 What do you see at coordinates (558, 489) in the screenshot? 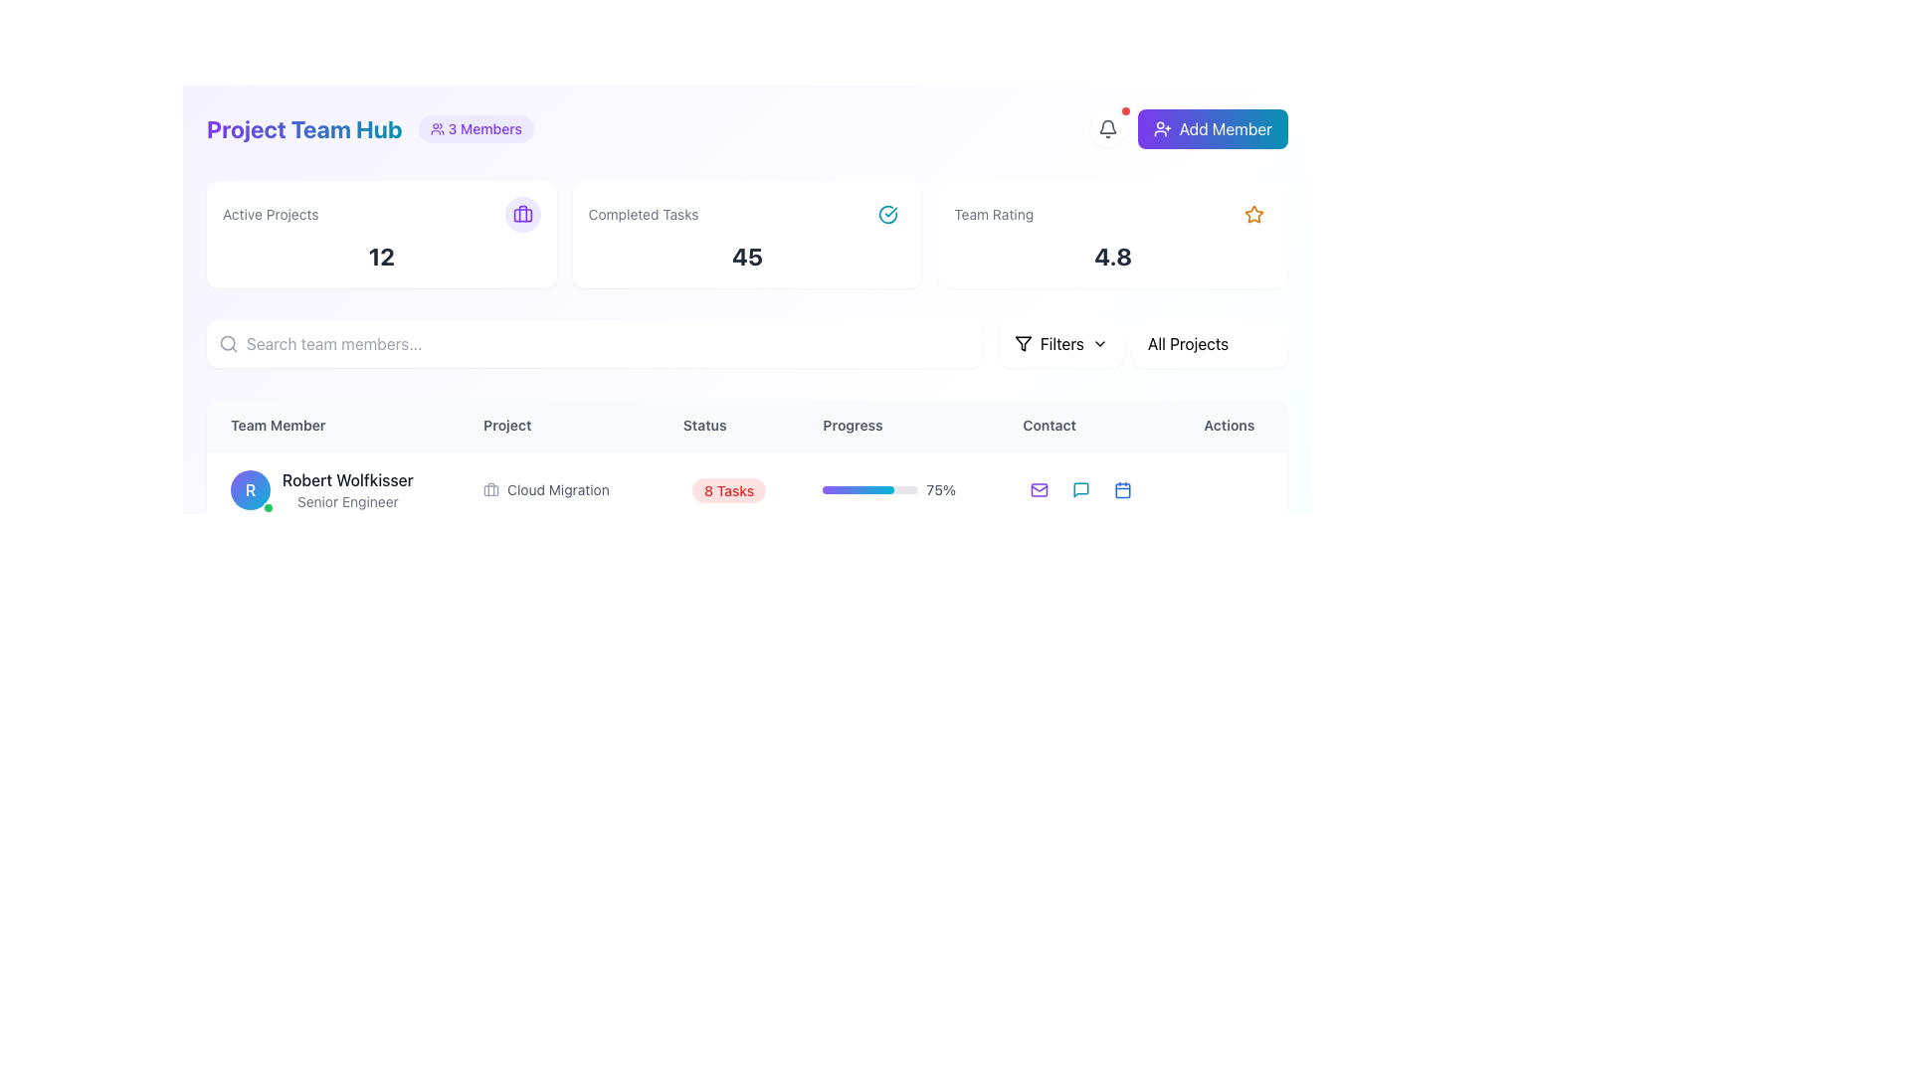
I see `the 'Cloud Migration' label with a briefcase icon, which is positioned in the 'Project' column of the table next to 'Robert Wolfkisser' and '8 Tasks'` at bounding box center [558, 489].